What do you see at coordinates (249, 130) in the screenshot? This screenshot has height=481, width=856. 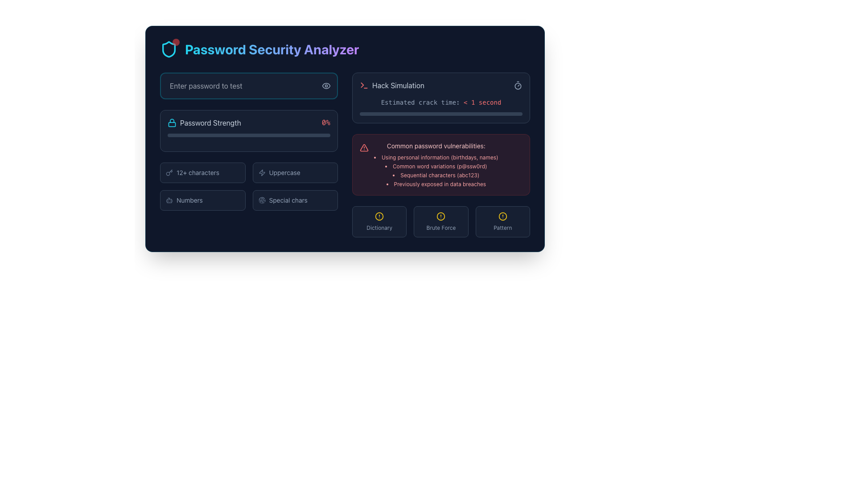 I see `the Password strength indicator located below the password input field, providing real-time feedback on password robustness` at bounding box center [249, 130].